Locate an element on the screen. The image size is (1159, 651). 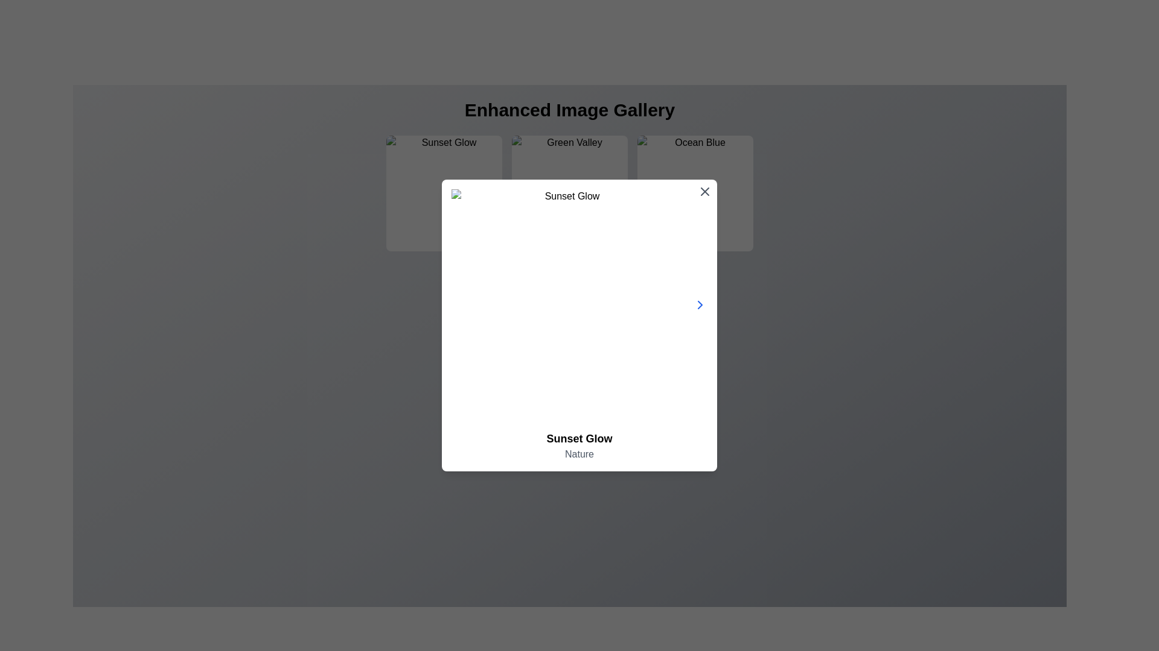
the 'Ocean Blue' interactive card in the image gallery is located at coordinates (695, 192).